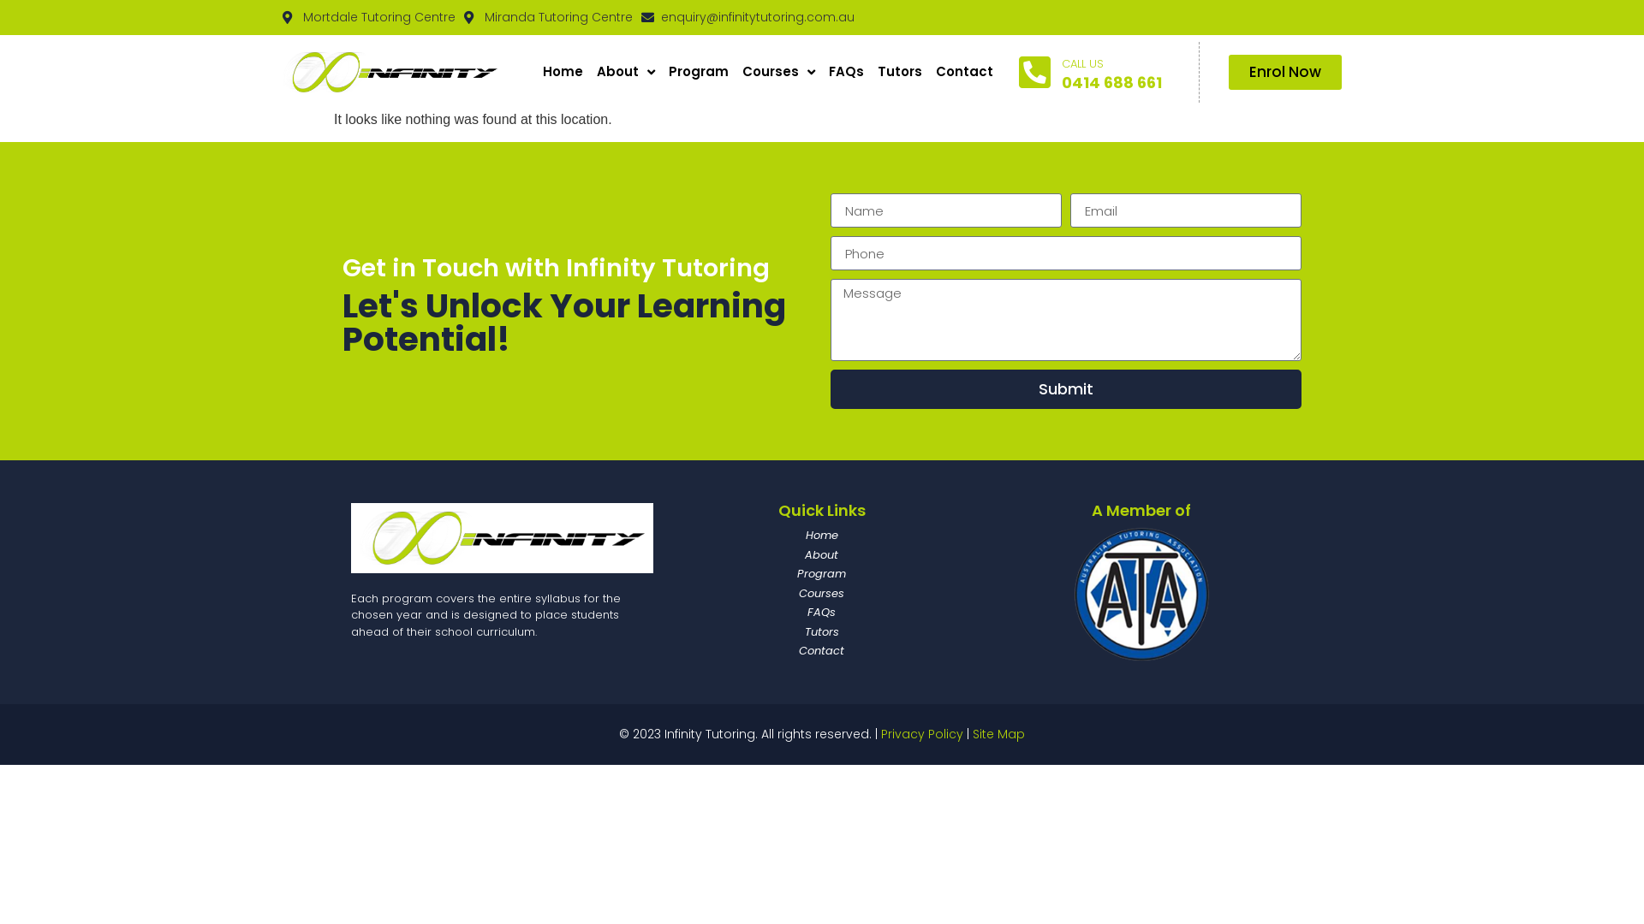 This screenshot has height=924, width=1644. Describe the element at coordinates (669, 554) in the screenshot. I see `'About'` at that location.